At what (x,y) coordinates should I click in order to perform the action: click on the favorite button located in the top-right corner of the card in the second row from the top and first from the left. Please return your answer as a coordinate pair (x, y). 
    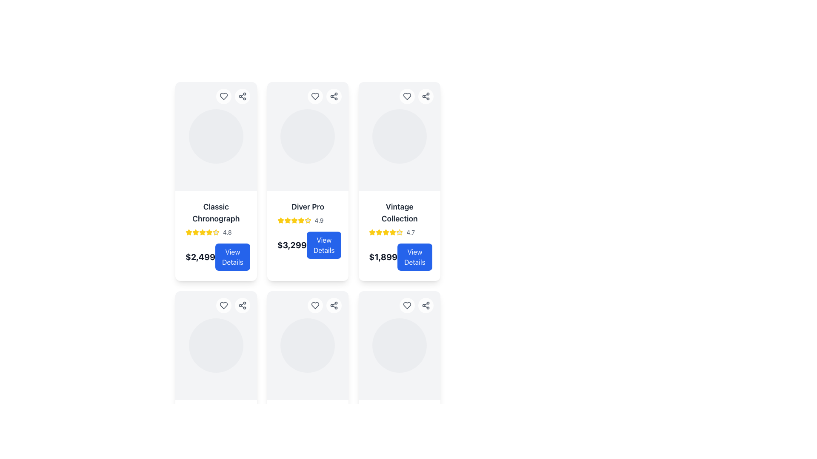
    Looking at the image, I should click on (223, 305).